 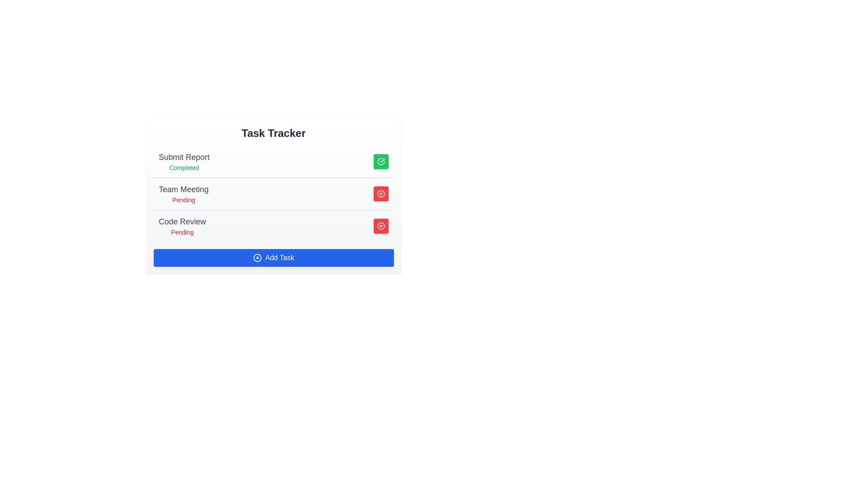 I want to click on the circular icon with a blue background and a plus symbol, located to the left of the 'Add Task' text within the button group at the bottom of the task tracker interface, so click(x=257, y=257).